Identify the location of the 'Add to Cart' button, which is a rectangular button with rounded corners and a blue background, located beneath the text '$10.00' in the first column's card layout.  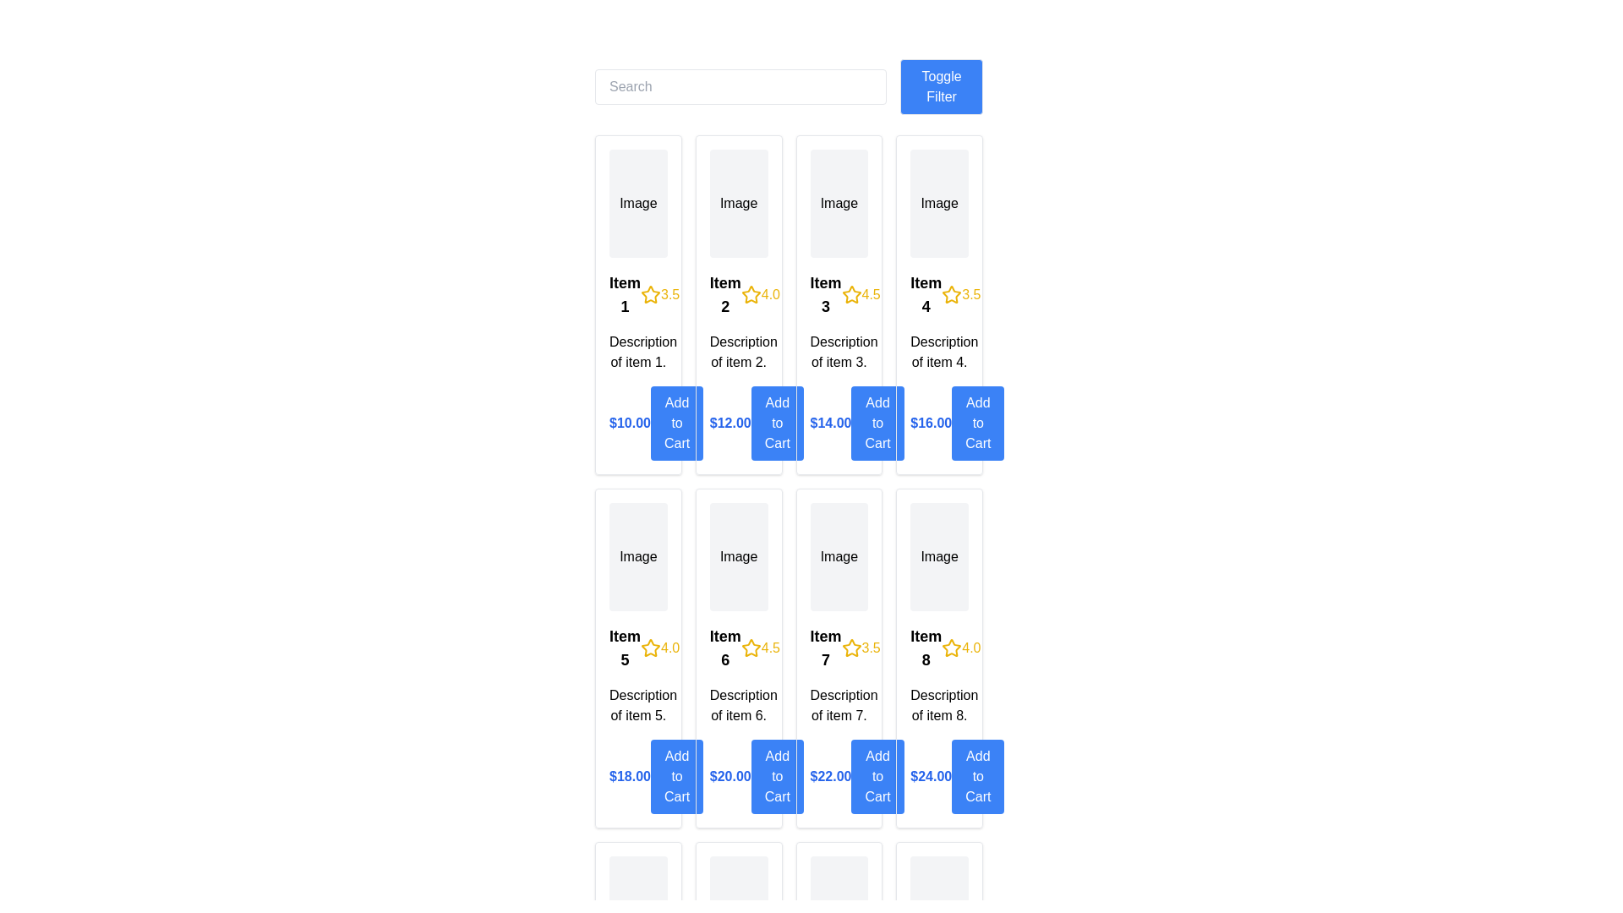
(677, 423).